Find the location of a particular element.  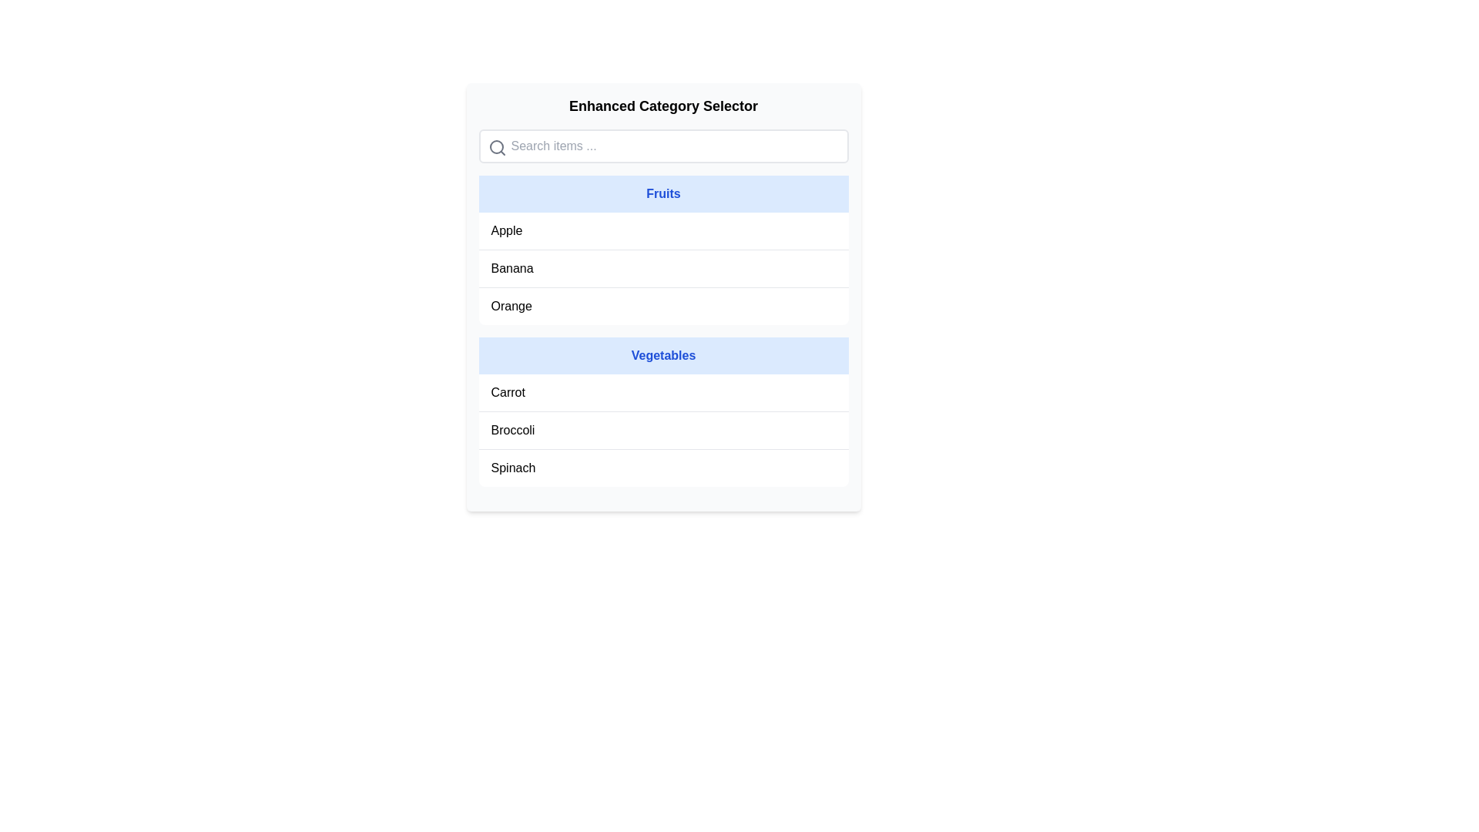

the search icon positioned inside the search bar input field, aligned to the left, which visually indicates the purpose of the input field for searching is located at coordinates (497, 148).